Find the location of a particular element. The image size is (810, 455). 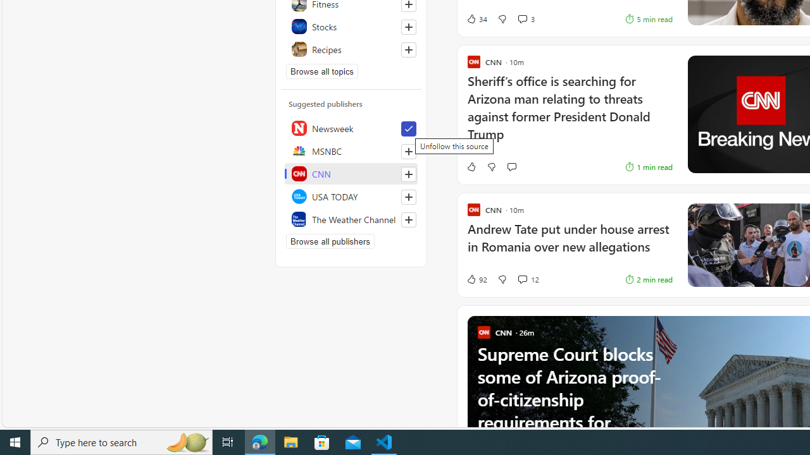

'USA TODAY' is located at coordinates (351, 197).